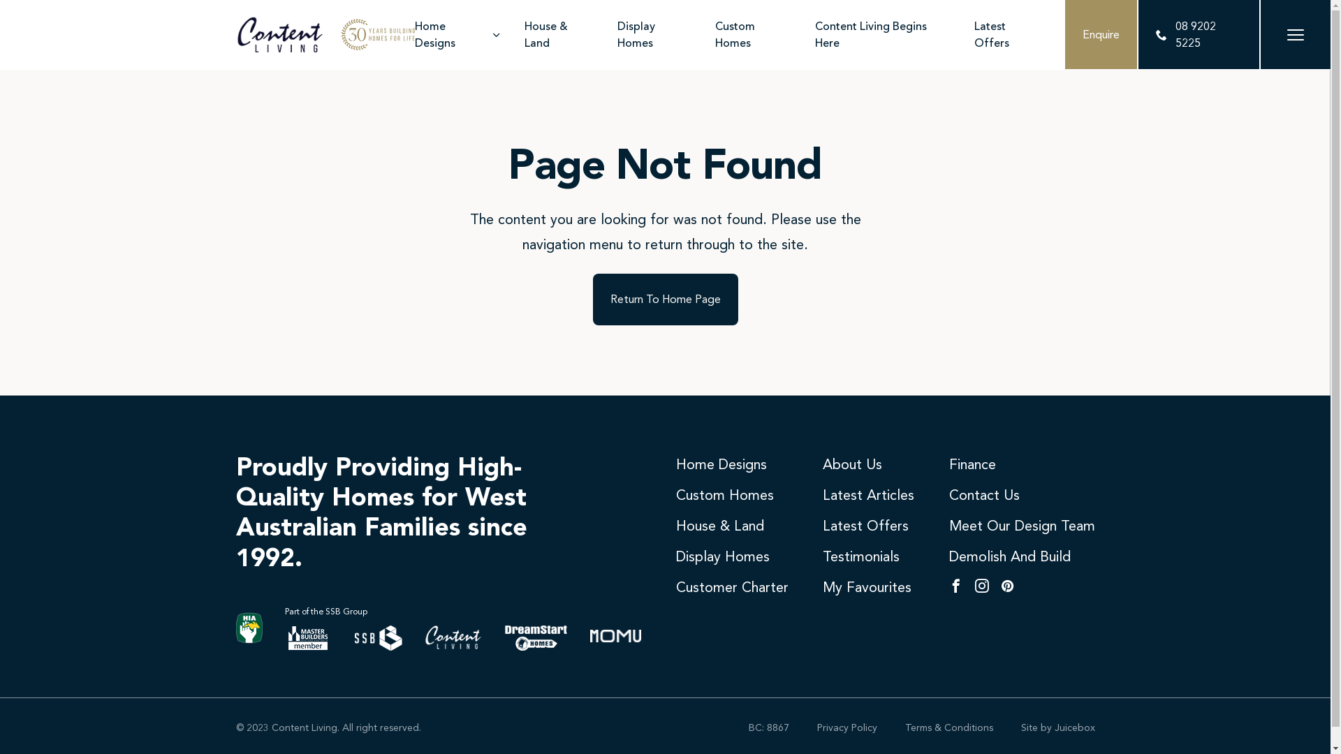 Image resolution: width=1341 pixels, height=754 pixels. What do you see at coordinates (974, 586) in the screenshot?
I see `'Instagram'` at bounding box center [974, 586].